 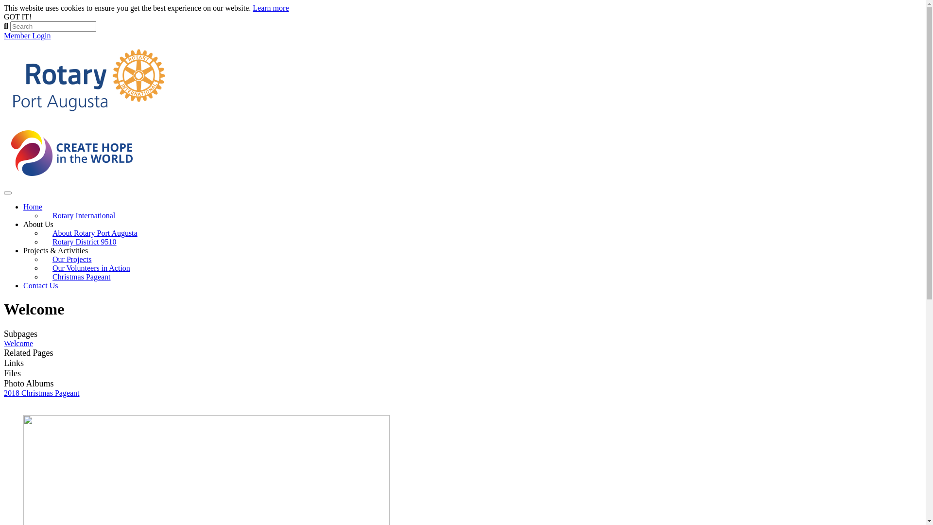 What do you see at coordinates (42, 277) in the screenshot?
I see `'Christmas Pageant'` at bounding box center [42, 277].